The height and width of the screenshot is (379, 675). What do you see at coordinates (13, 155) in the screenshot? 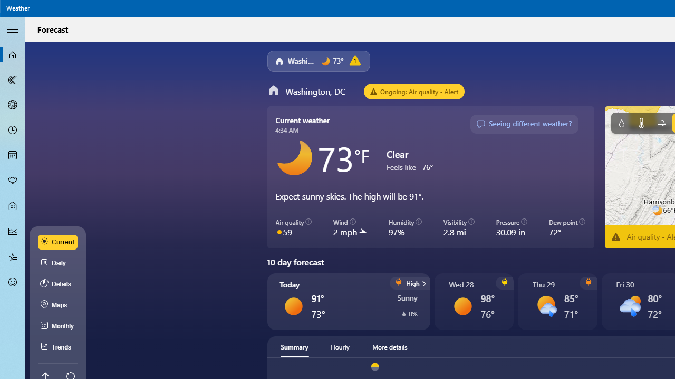
I see `'Monthly Forecast - Not Selected'` at bounding box center [13, 155].